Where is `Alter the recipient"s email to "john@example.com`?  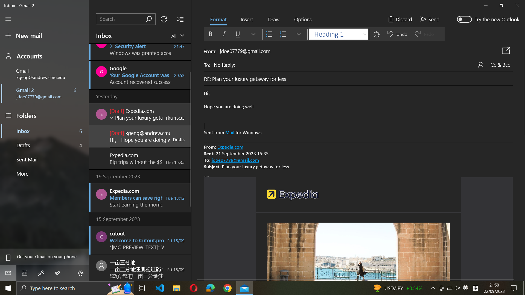 Alter the recipient"s email to "john@example.com is located at coordinates (363, 64).